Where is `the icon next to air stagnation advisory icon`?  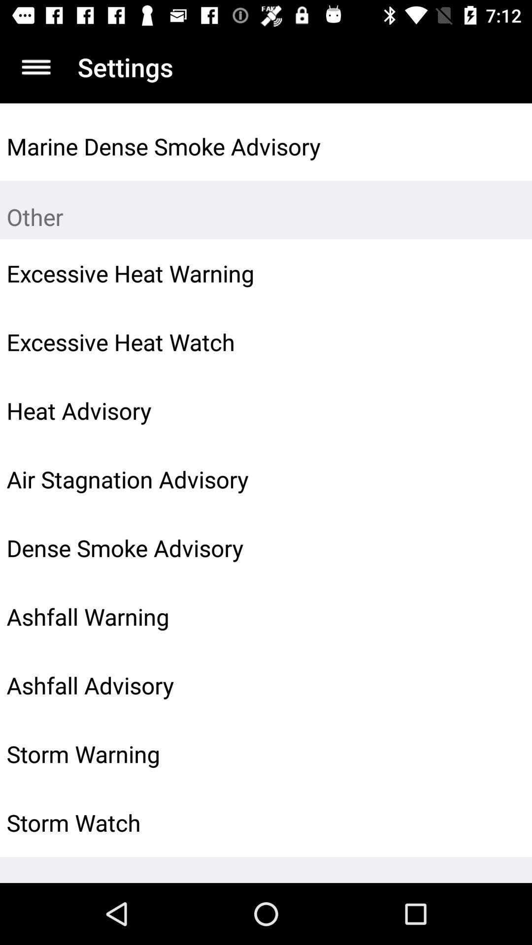
the icon next to air stagnation advisory icon is located at coordinates (501, 479).